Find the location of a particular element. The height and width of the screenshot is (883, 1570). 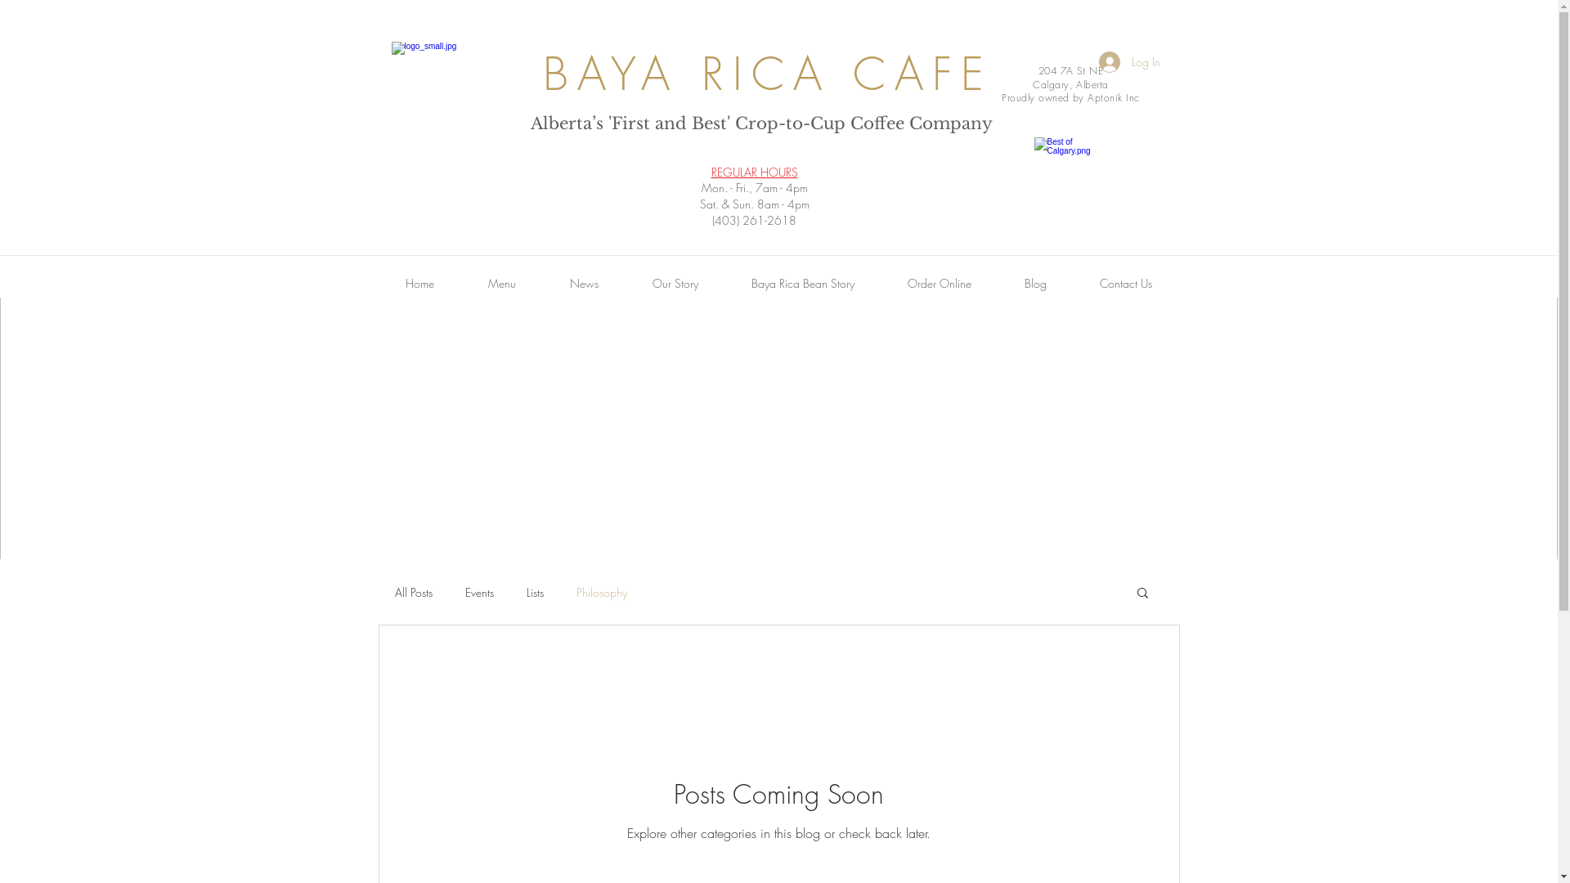

'Contact Us' is located at coordinates (1124, 283).